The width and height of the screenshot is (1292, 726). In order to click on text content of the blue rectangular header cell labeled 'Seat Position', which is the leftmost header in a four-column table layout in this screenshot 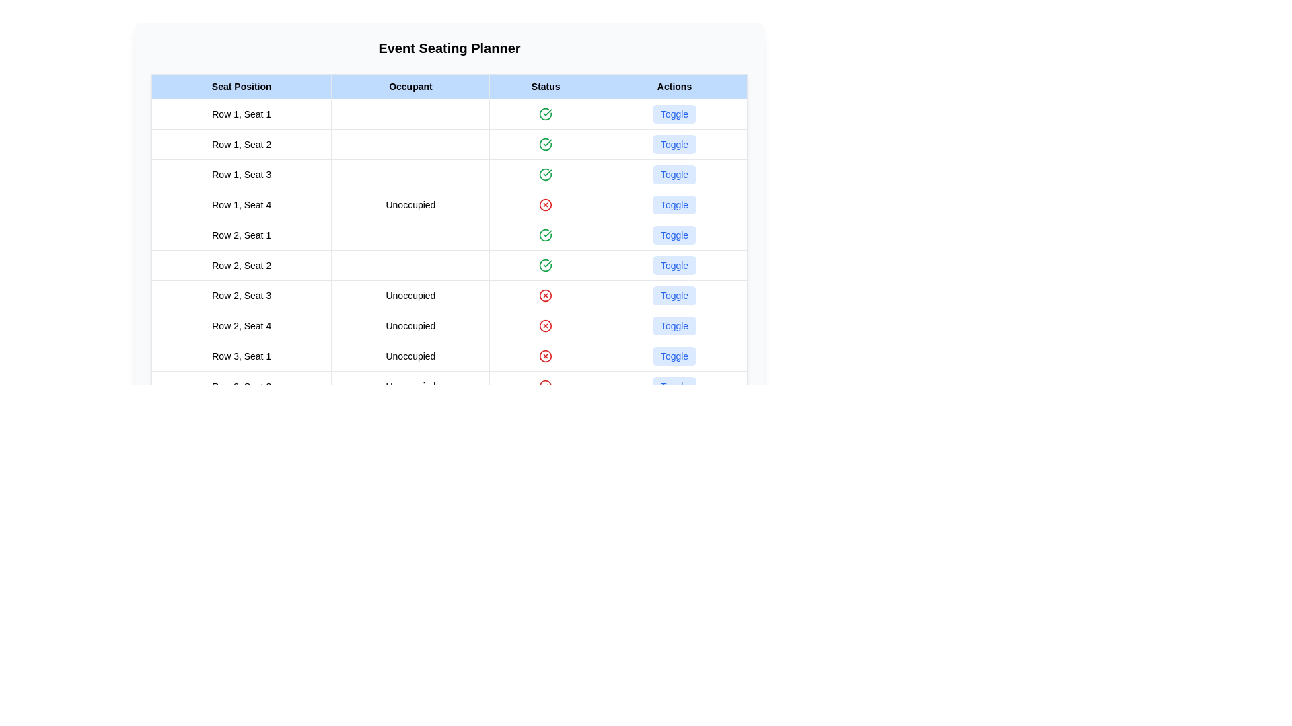, I will do `click(242, 86)`.